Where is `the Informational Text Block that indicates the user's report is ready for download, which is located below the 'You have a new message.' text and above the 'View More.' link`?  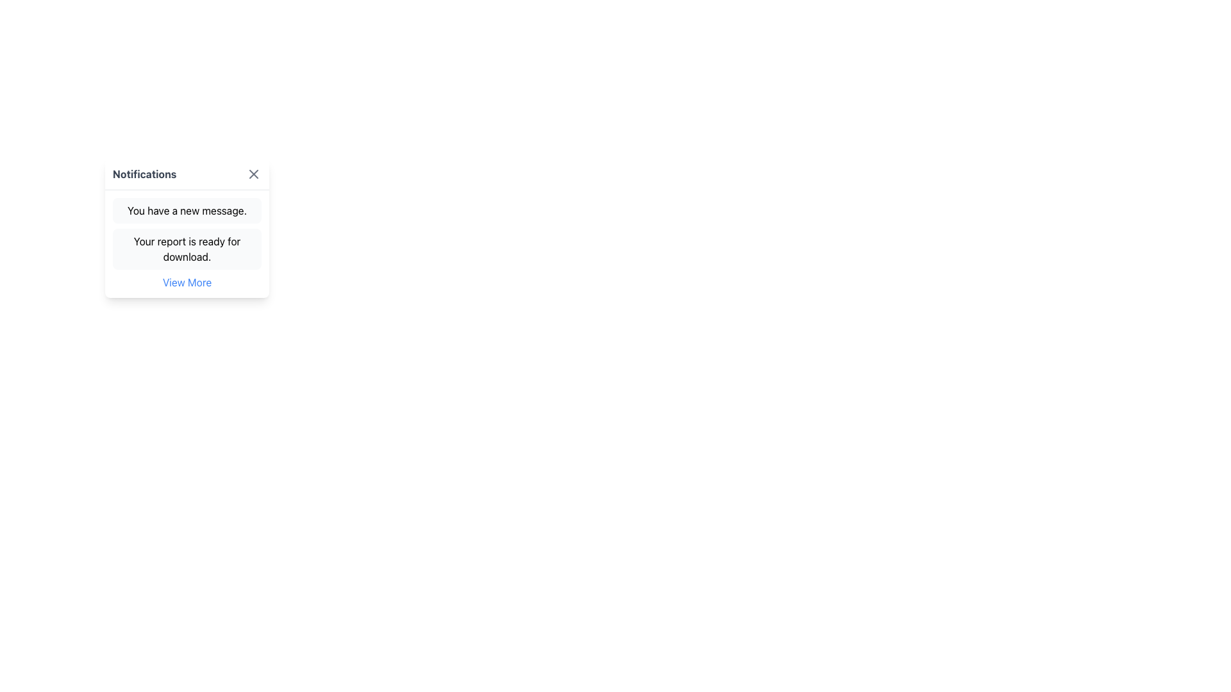 the Informational Text Block that indicates the user's report is ready for download, which is located below the 'You have a new message.' text and above the 'View More.' link is located at coordinates (187, 249).